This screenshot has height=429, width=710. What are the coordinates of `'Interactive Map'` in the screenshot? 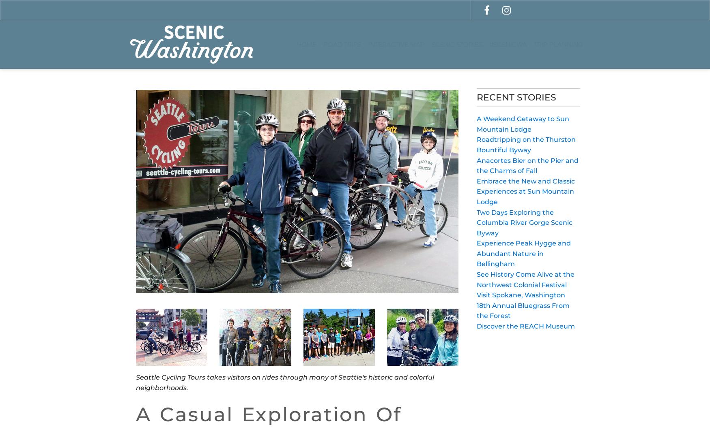 It's located at (396, 44).